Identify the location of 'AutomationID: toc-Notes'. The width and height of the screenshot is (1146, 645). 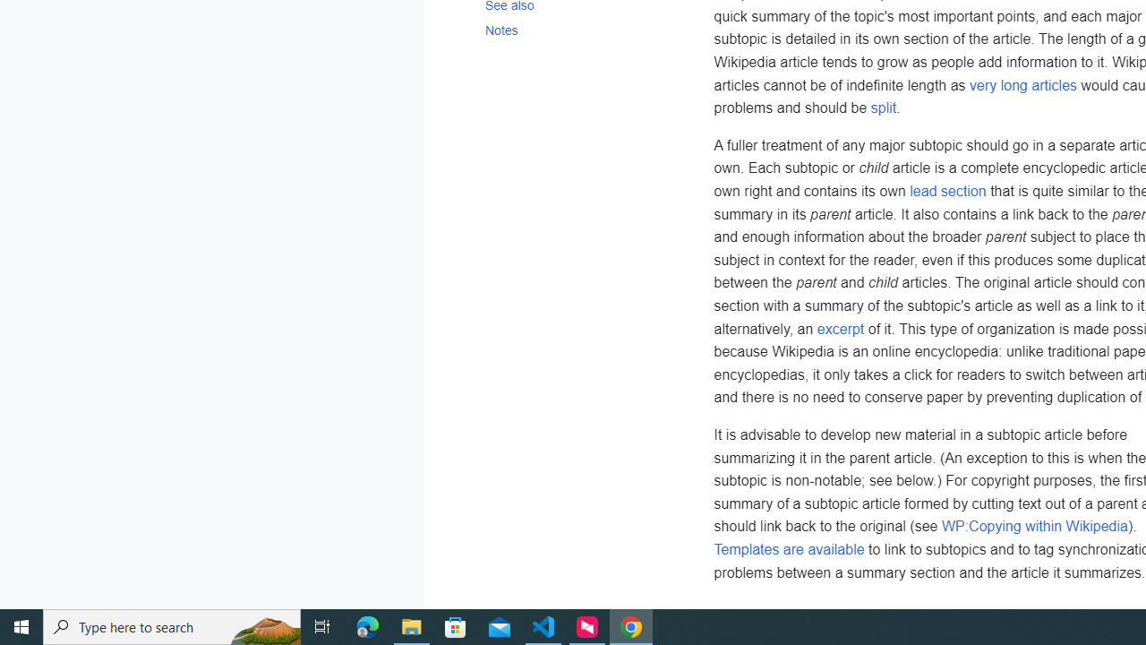
(576, 30).